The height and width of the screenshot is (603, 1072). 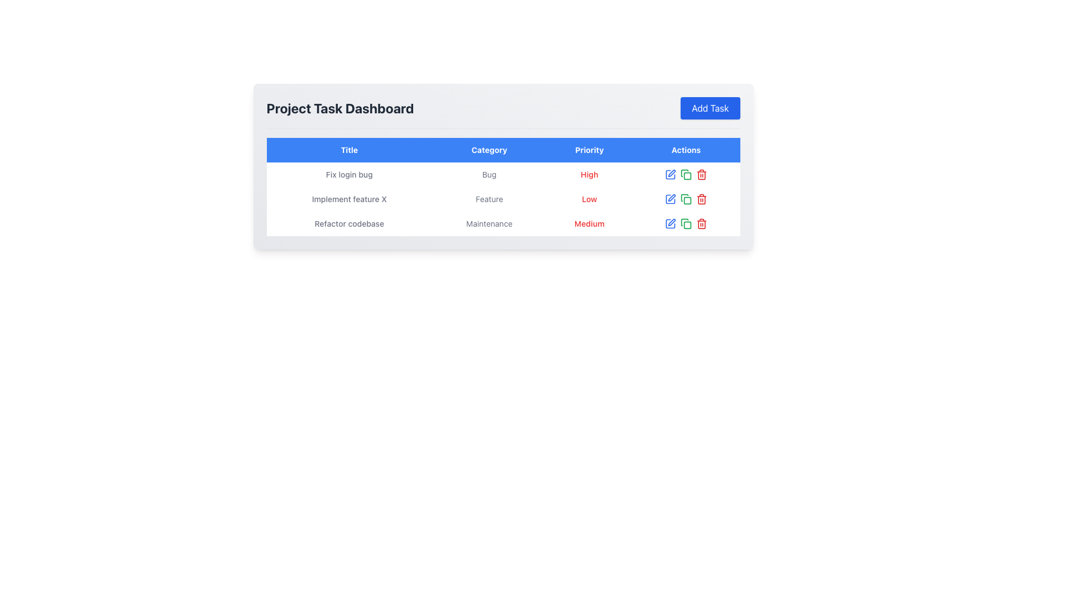 I want to click on the icon in the 'Actions' column of the row labeled 'Implement feature X', so click(x=685, y=199).